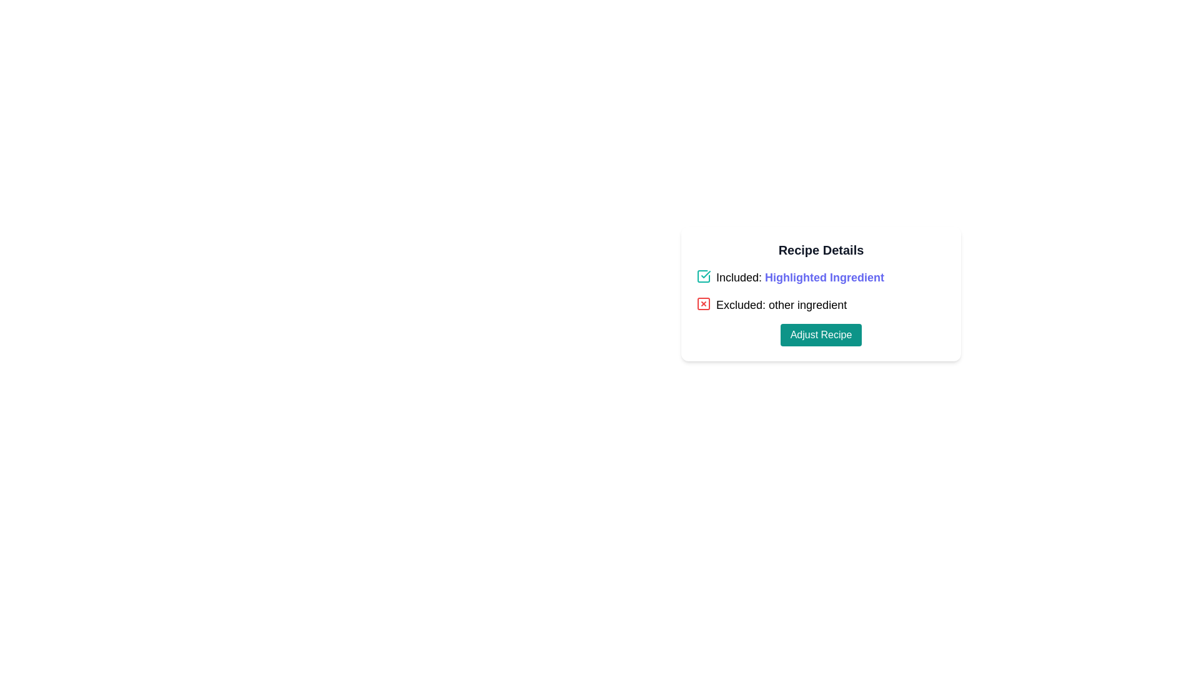  Describe the element at coordinates (821, 334) in the screenshot. I see `the teal button labeled 'Adjust Recipe' at the bottom of the 'Recipe Details' card` at that location.